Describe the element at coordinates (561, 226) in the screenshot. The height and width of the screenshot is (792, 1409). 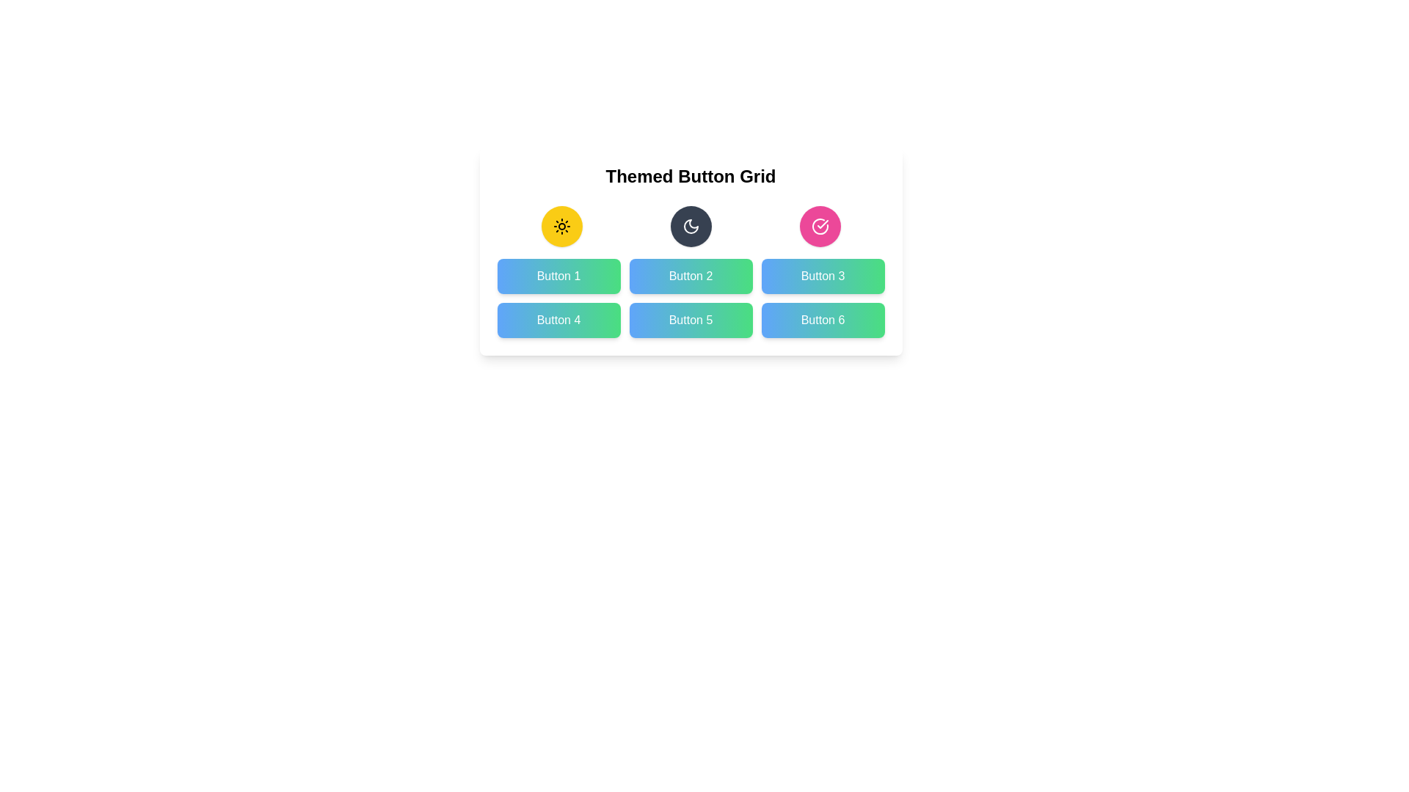
I see `the leftmost yellow icon button at the top of the layout` at that location.